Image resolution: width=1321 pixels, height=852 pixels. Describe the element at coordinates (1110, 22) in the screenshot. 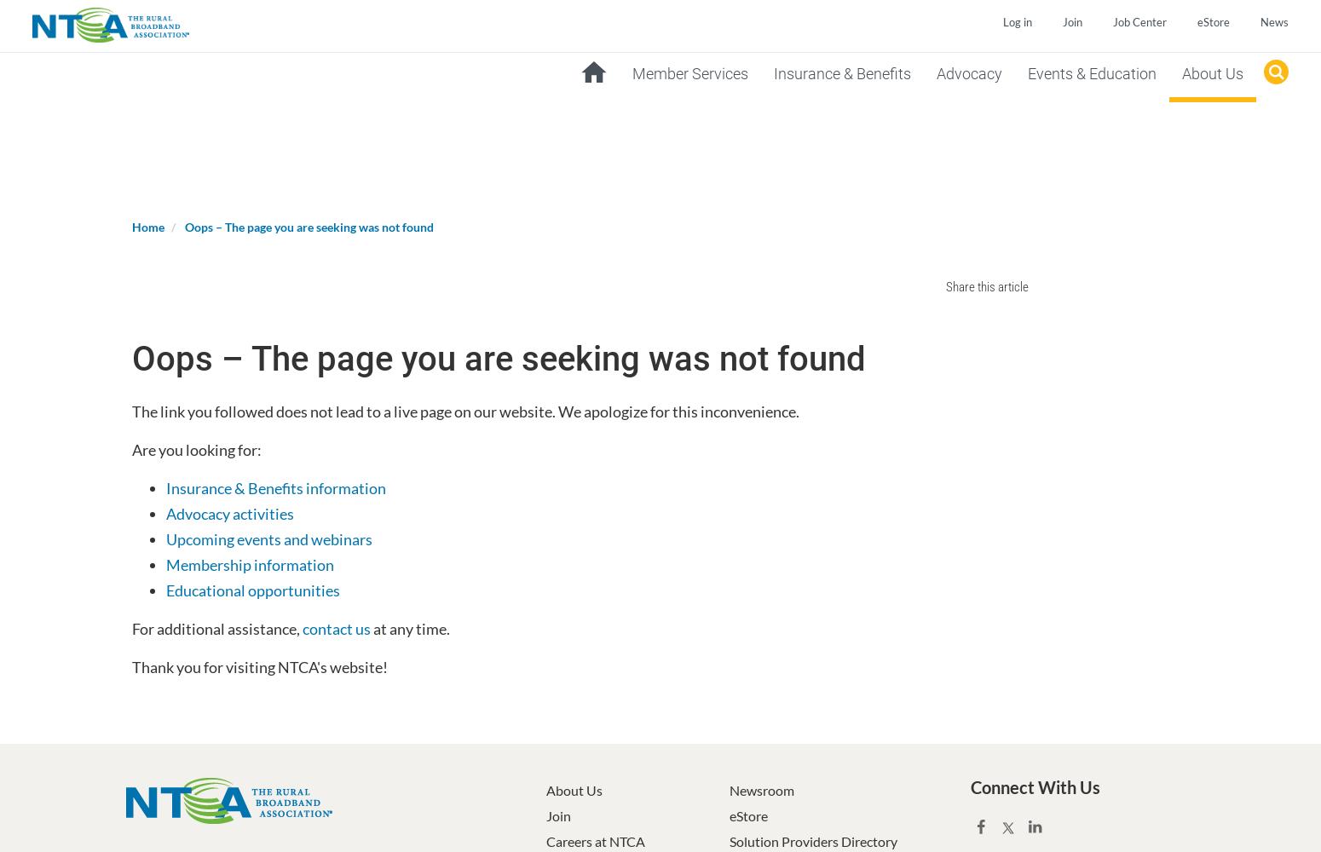

I see `'Job Center'` at that location.